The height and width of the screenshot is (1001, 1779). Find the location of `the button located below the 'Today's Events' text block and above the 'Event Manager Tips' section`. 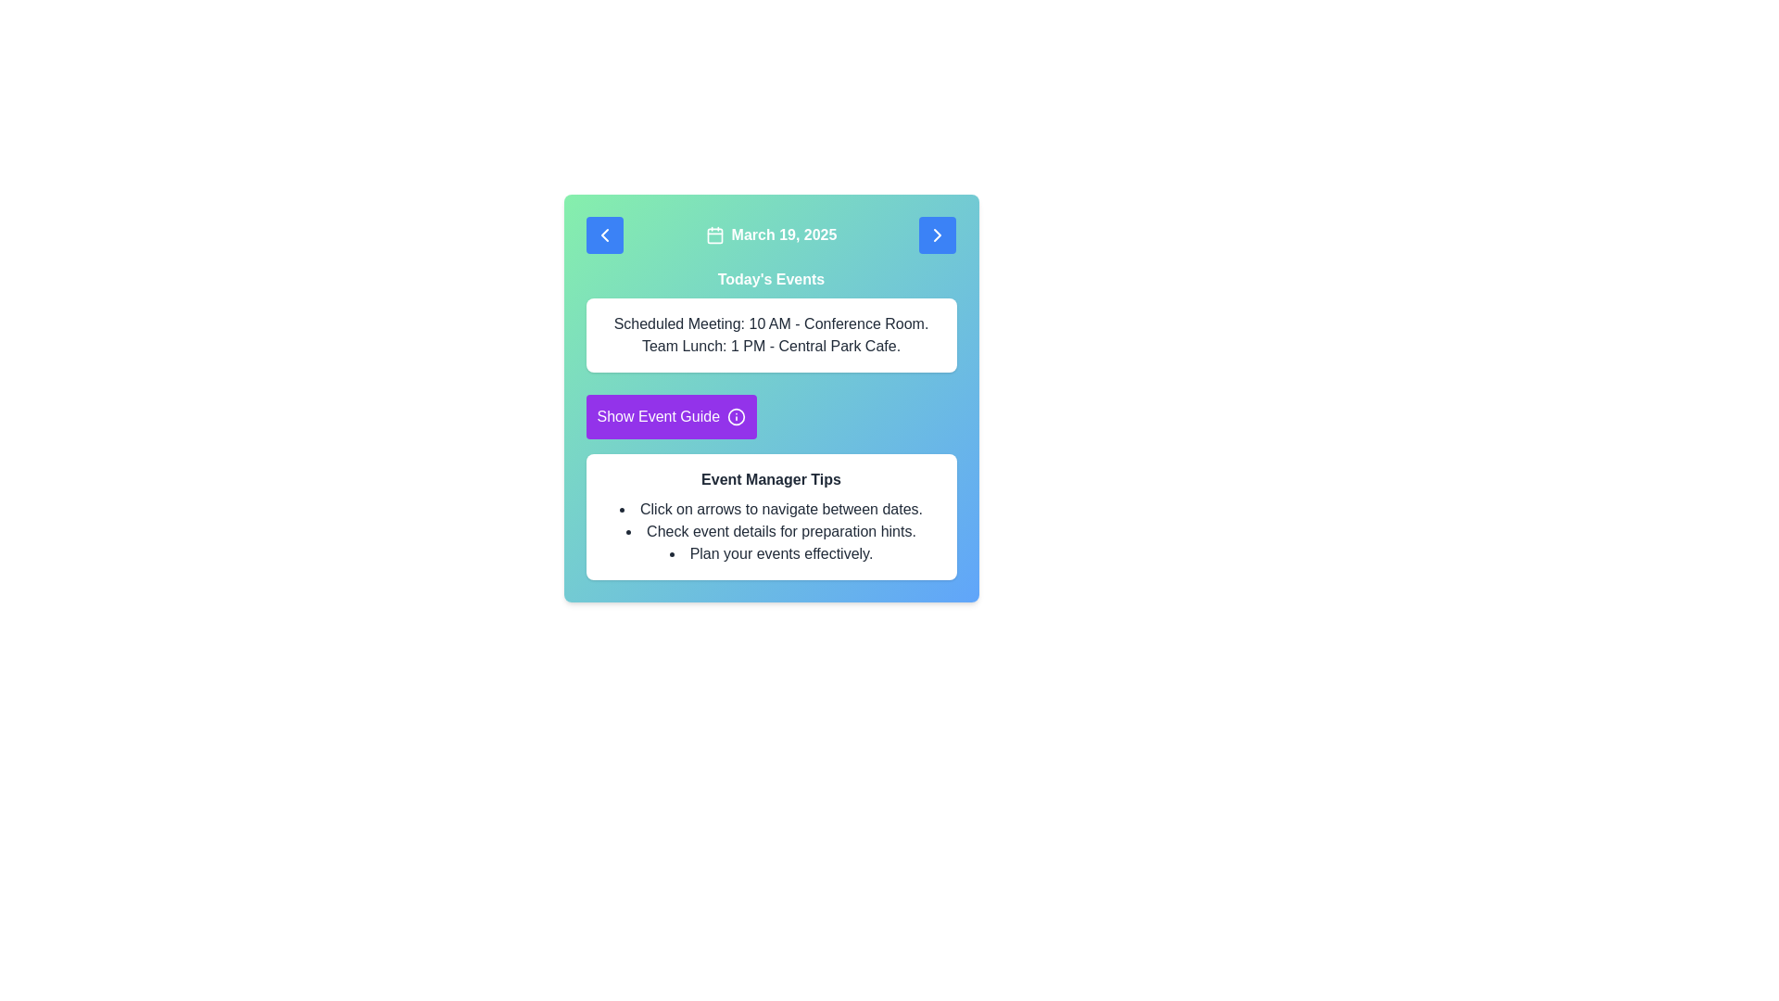

the button located below the 'Today's Events' text block and above the 'Event Manager Tips' section is located at coordinates (670, 417).